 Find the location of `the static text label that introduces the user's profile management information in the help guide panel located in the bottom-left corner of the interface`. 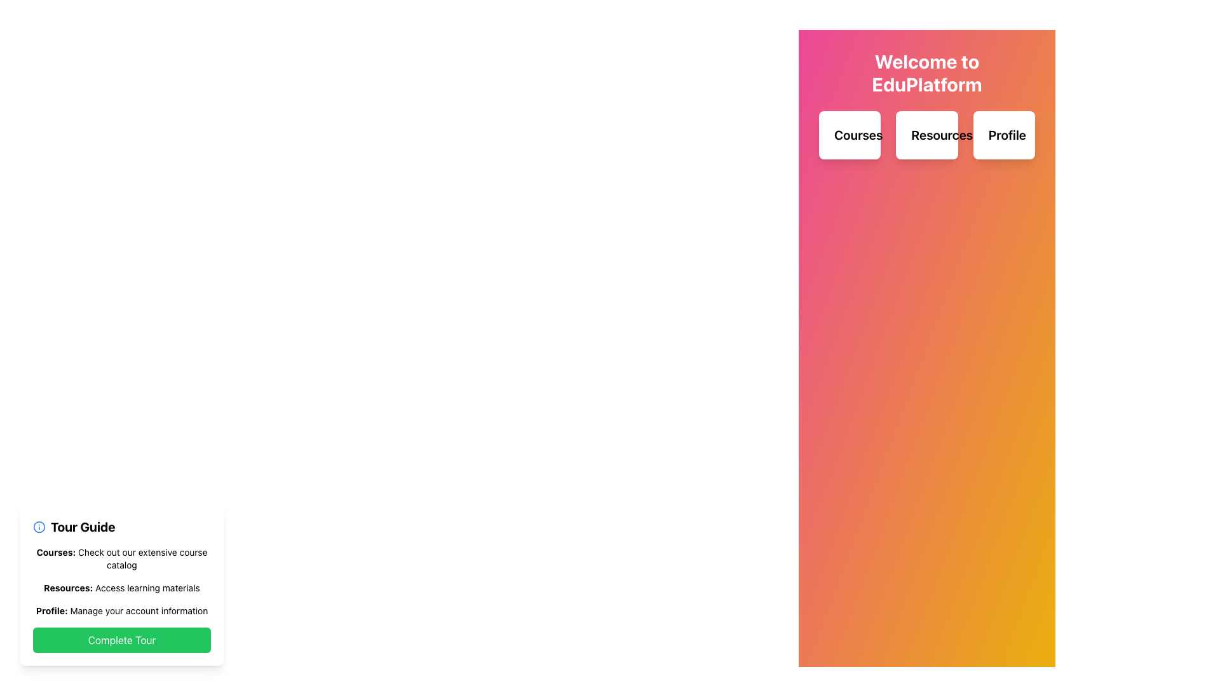

the static text label that introduces the user's profile management information in the help guide panel located in the bottom-left corner of the interface is located at coordinates (51, 610).